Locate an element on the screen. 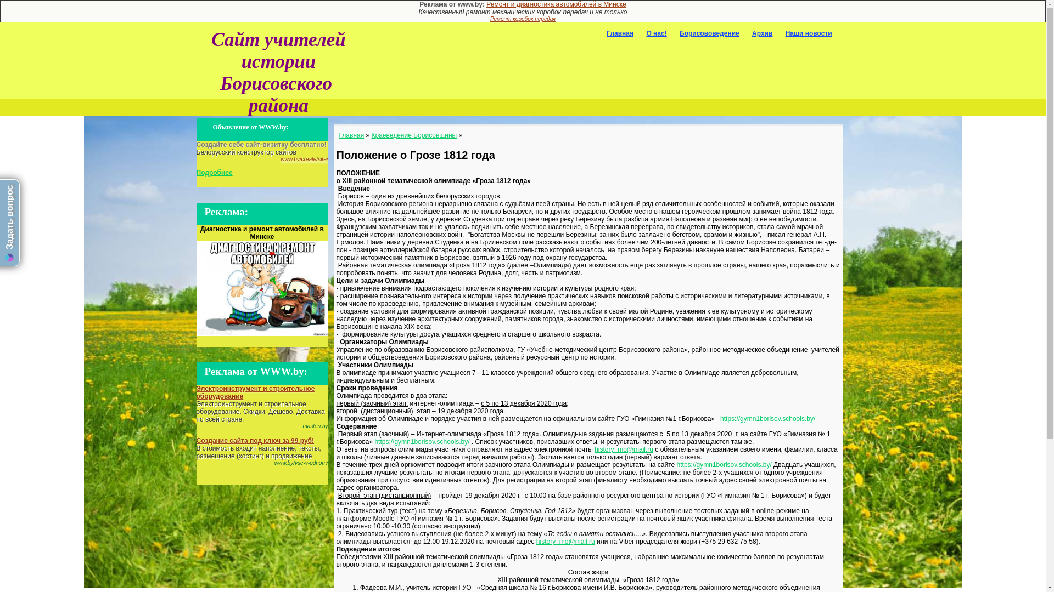  'history_mo@mail.ru' is located at coordinates (624, 449).